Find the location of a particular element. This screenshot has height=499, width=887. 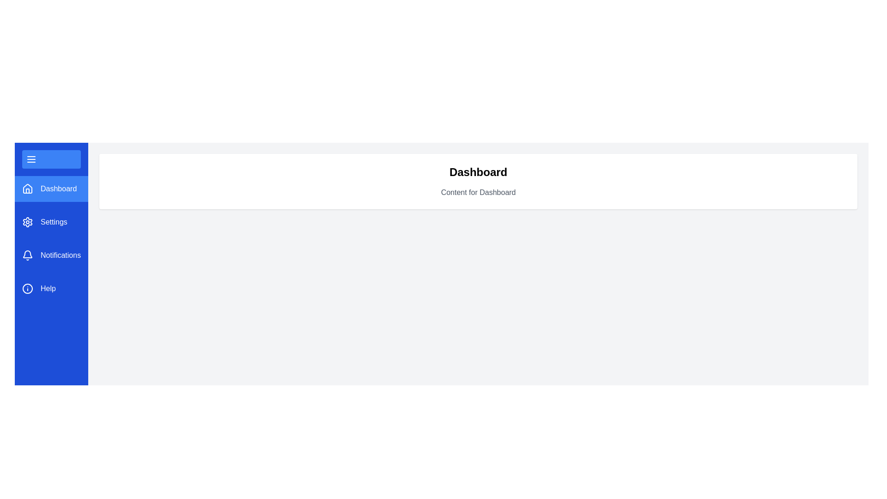

the second item in the vertical navigation menu, which leads to the Settings page is located at coordinates (51, 222).